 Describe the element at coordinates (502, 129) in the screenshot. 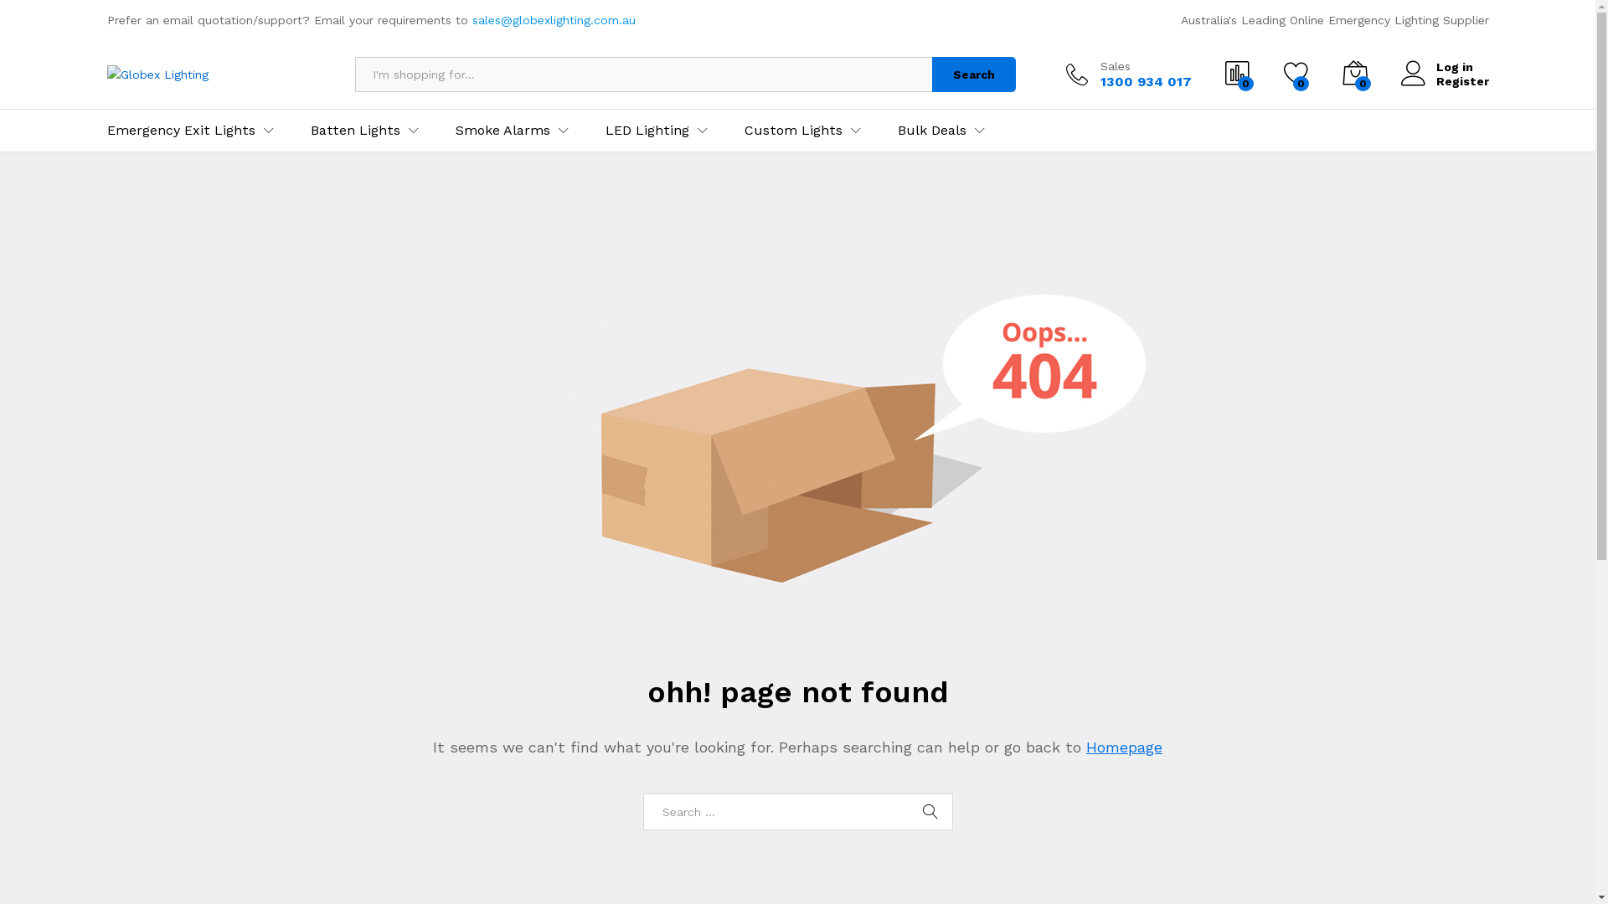

I see `'Smoke Alarms'` at that location.